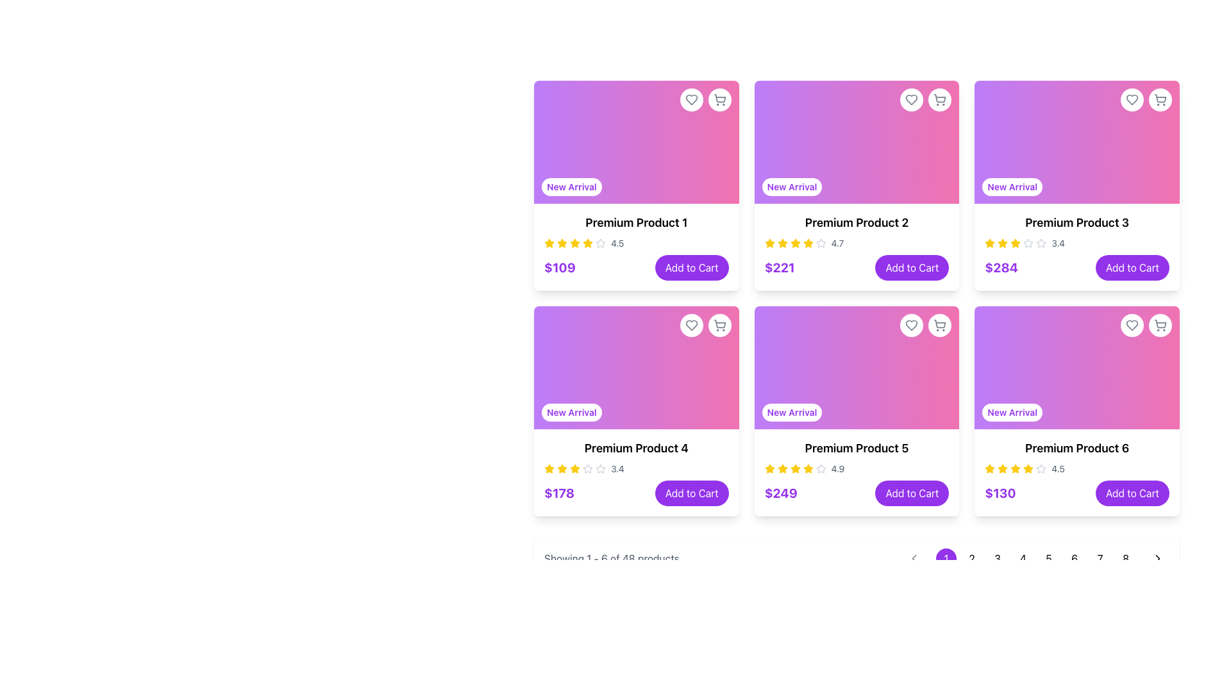 This screenshot has height=692, width=1231. I want to click on the unfilled gray star icon, which is the sixth star from the left in the rating system for 'Premium Product 2' with a rating text of '4.7', so click(821, 243).